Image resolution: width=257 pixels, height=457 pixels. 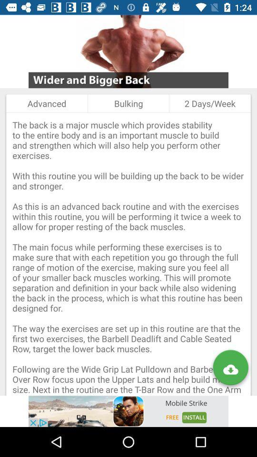 What do you see at coordinates (128, 103) in the screenshot?
I see `the item above the back is icon` at bounding box center [128, 103].